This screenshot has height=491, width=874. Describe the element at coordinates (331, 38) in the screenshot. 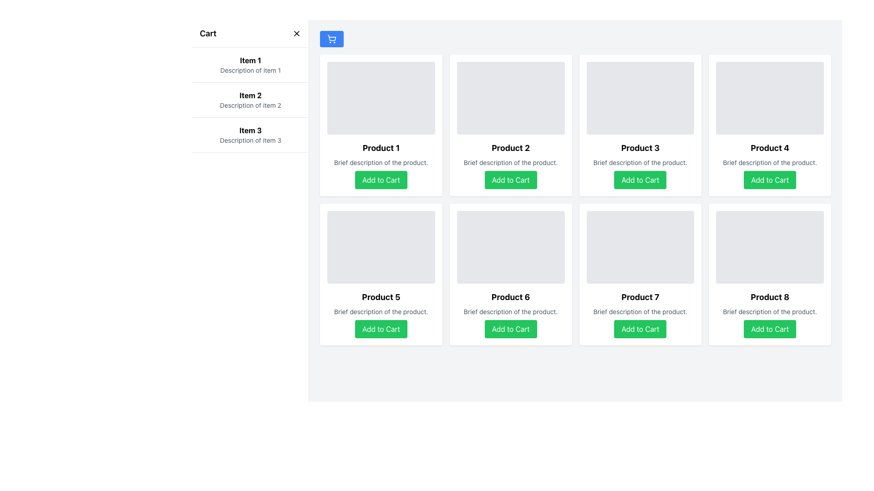

I see `the shopping cart icon located within the blue button at the top-left corner of the main content area` at that location.